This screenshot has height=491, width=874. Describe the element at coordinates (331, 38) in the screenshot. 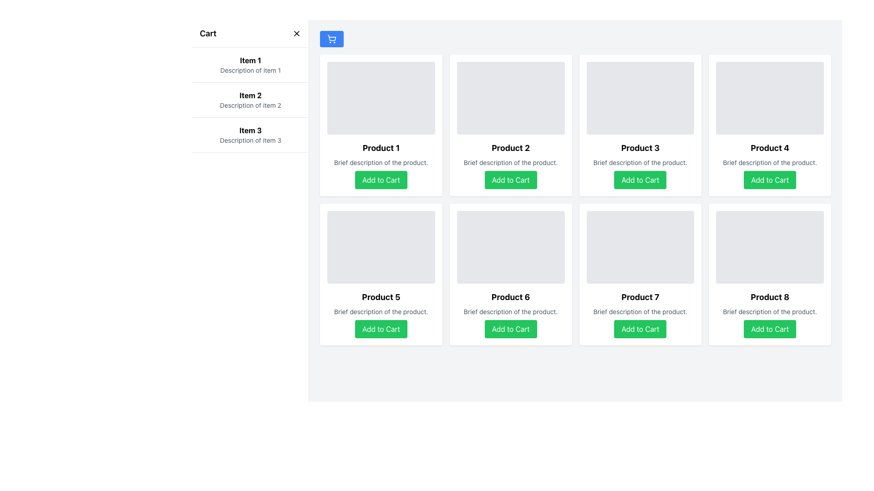

I see `the shopping cart icon located within the blue button at the top-left corner of the main content area` at that location.